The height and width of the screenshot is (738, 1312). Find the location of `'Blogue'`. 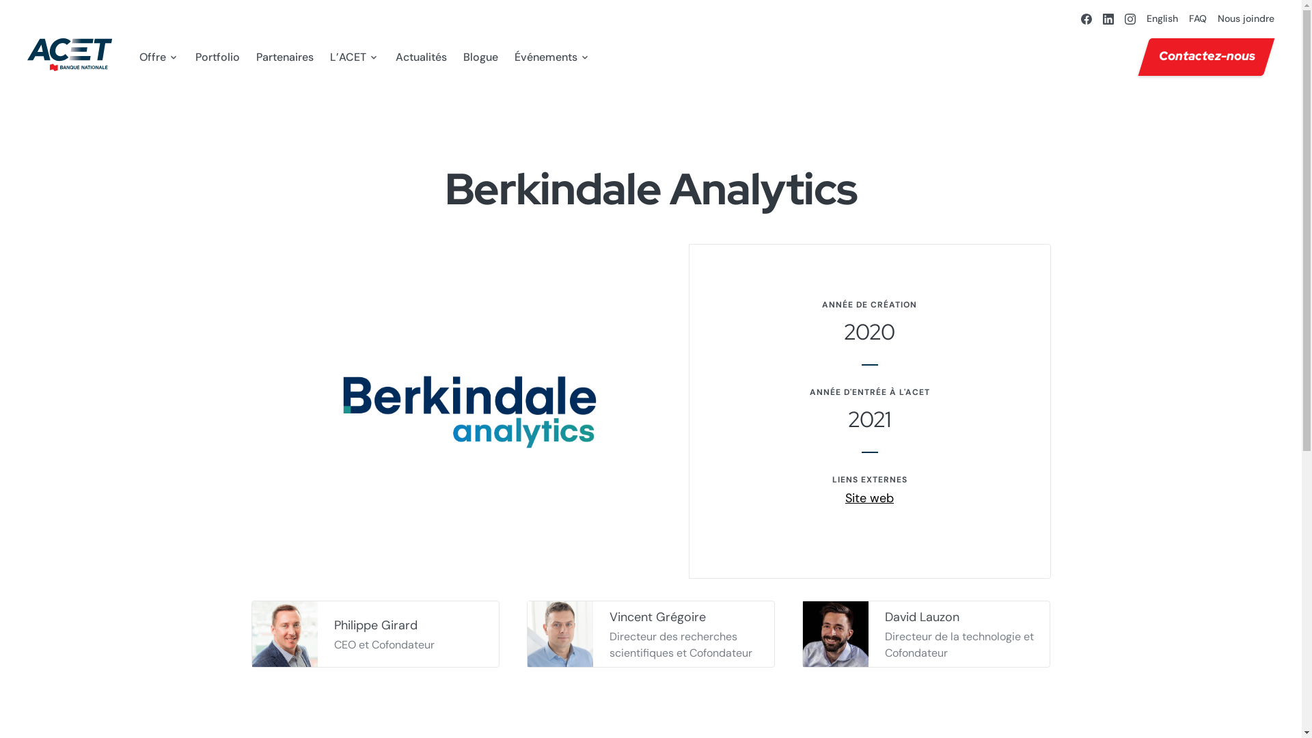

'Blogue' is located at coordinates (463, 56).